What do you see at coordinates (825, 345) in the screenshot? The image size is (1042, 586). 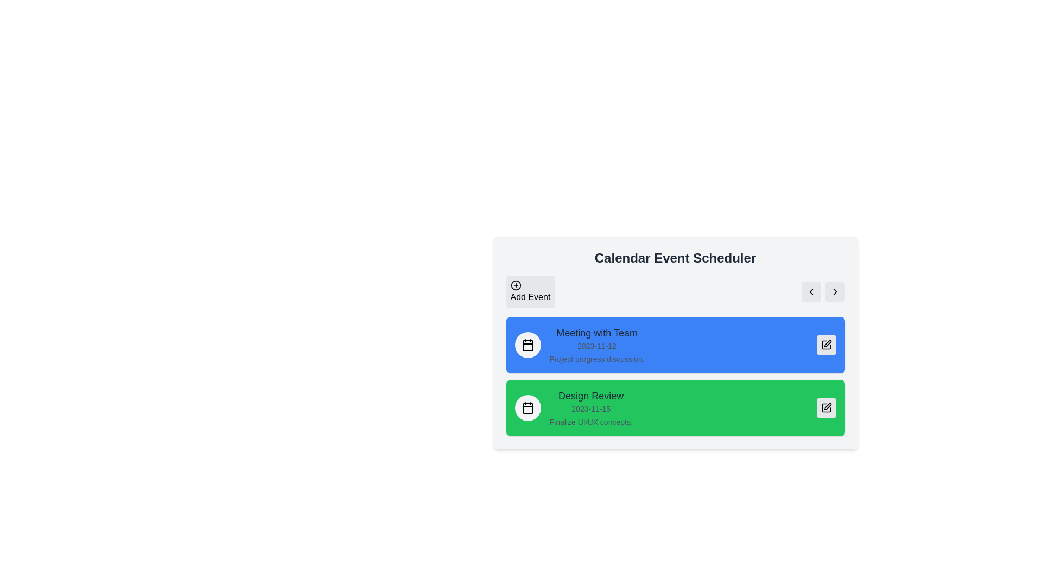 I see `the edit icon located at the top-right corner of the blue card labeled 'Meeting with Team'` at bounding box center [825, 345].